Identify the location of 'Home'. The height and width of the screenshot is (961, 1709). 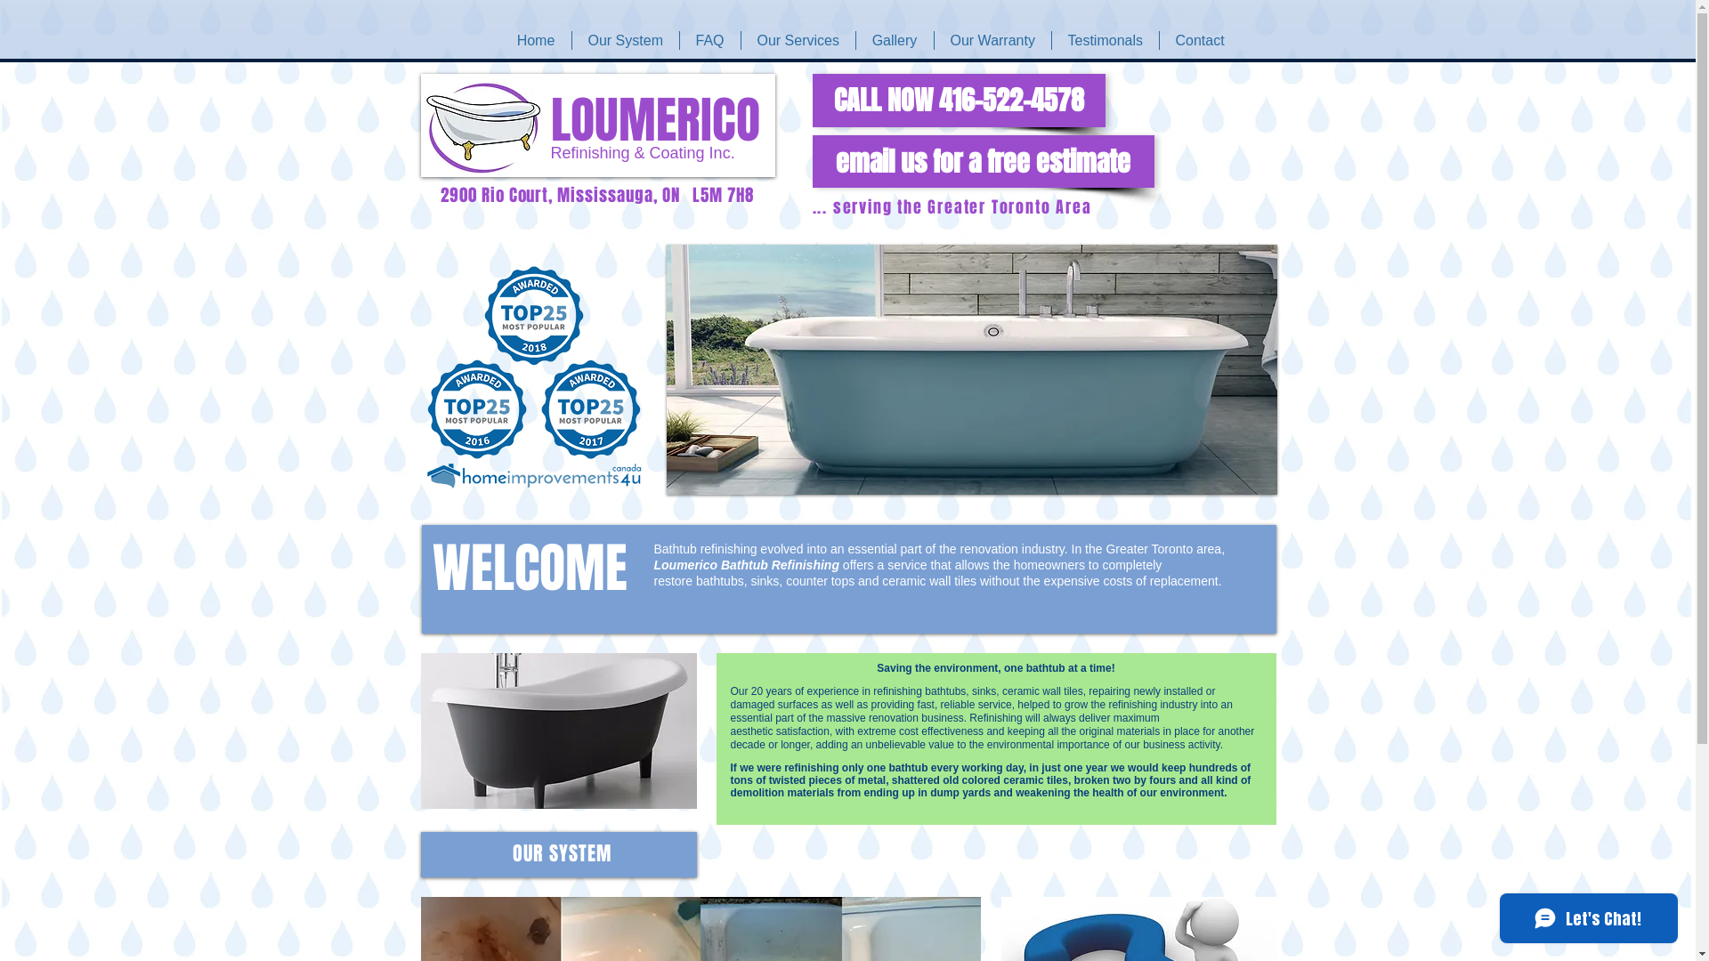
(534, 40).